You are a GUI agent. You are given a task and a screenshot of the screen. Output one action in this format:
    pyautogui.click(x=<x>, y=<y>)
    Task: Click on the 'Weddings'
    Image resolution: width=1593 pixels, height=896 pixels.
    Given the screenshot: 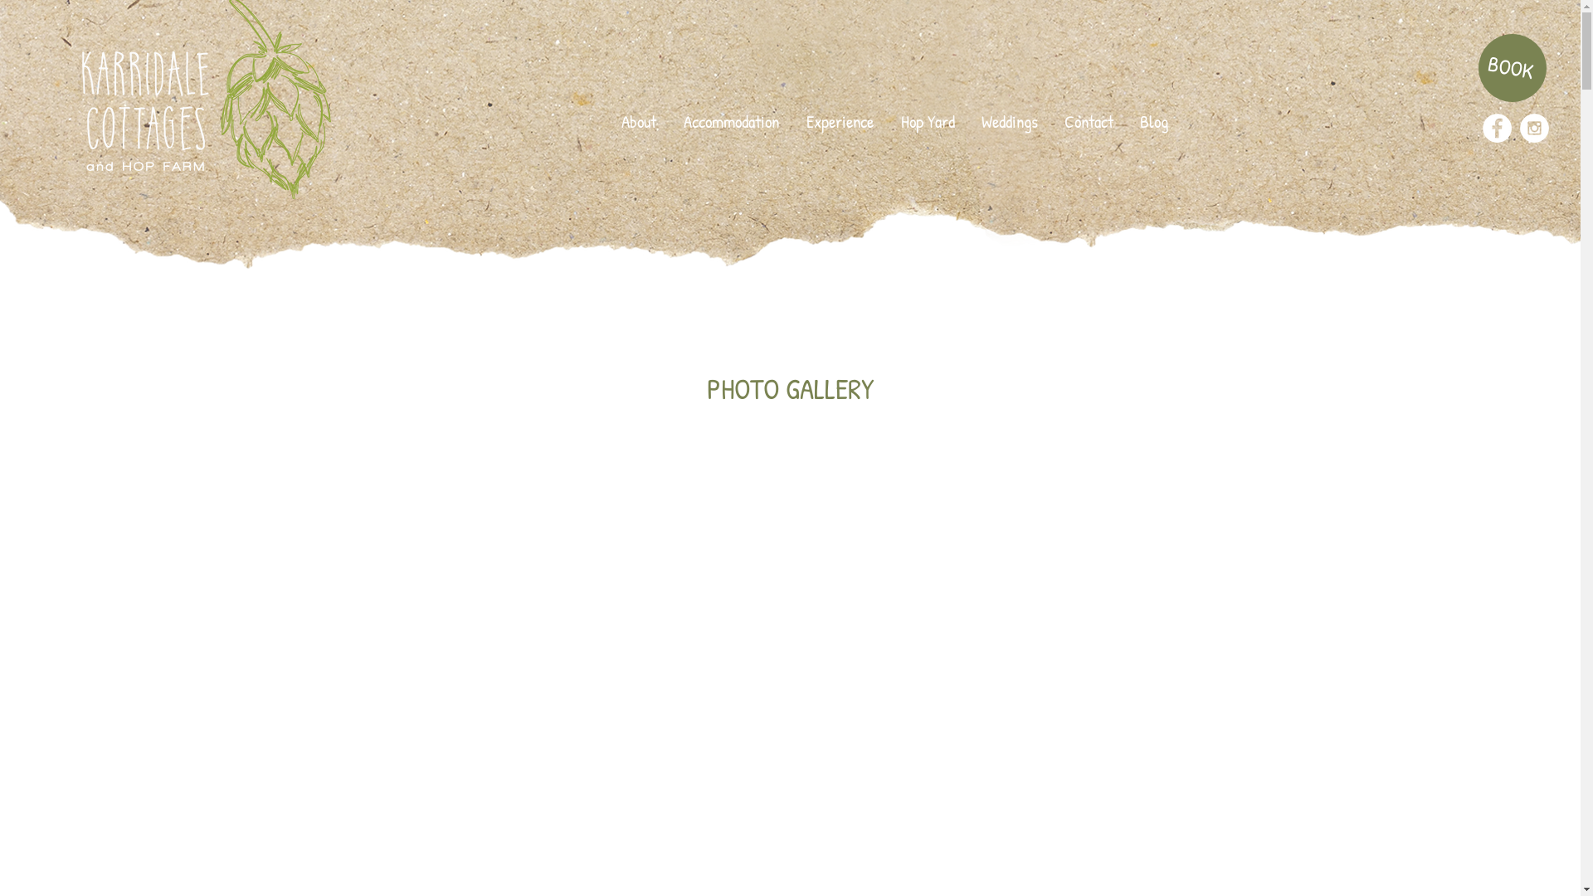 What is the action you would take?
    pyautogui.click(x=967, y=120)
    